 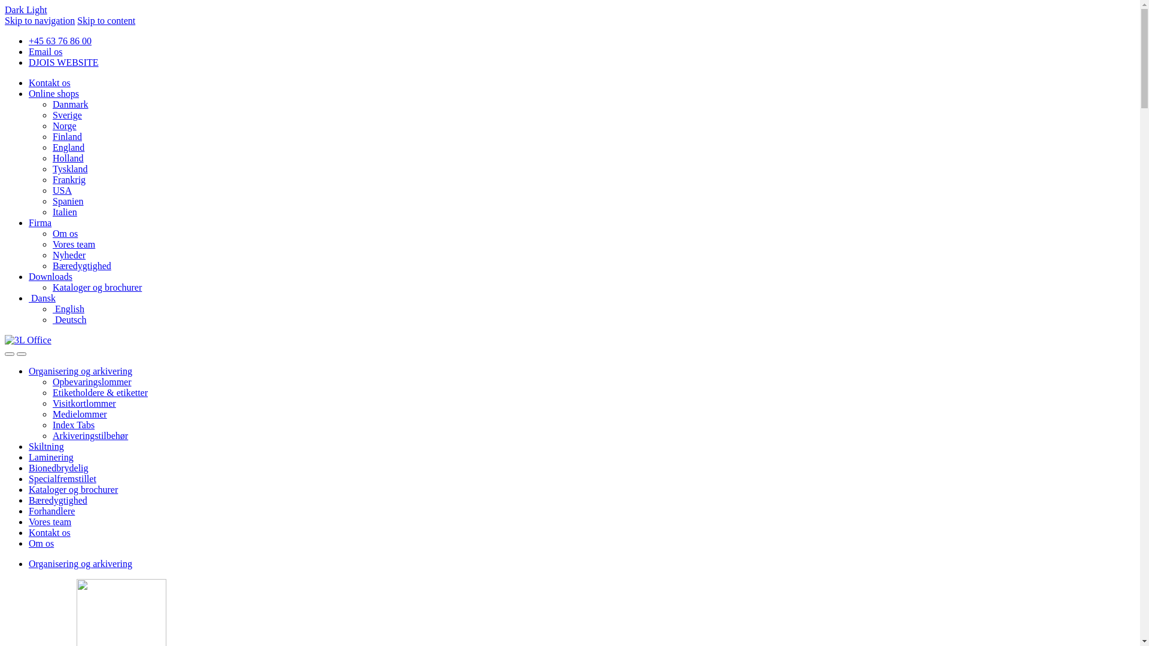 I want to click on 'Bionedbrydelig', so click(x=57, y=467).